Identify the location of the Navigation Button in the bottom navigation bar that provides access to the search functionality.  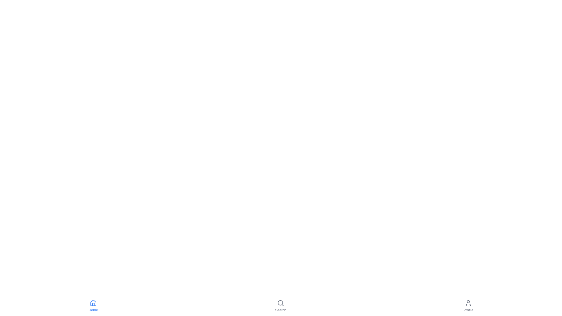
(280, 305).